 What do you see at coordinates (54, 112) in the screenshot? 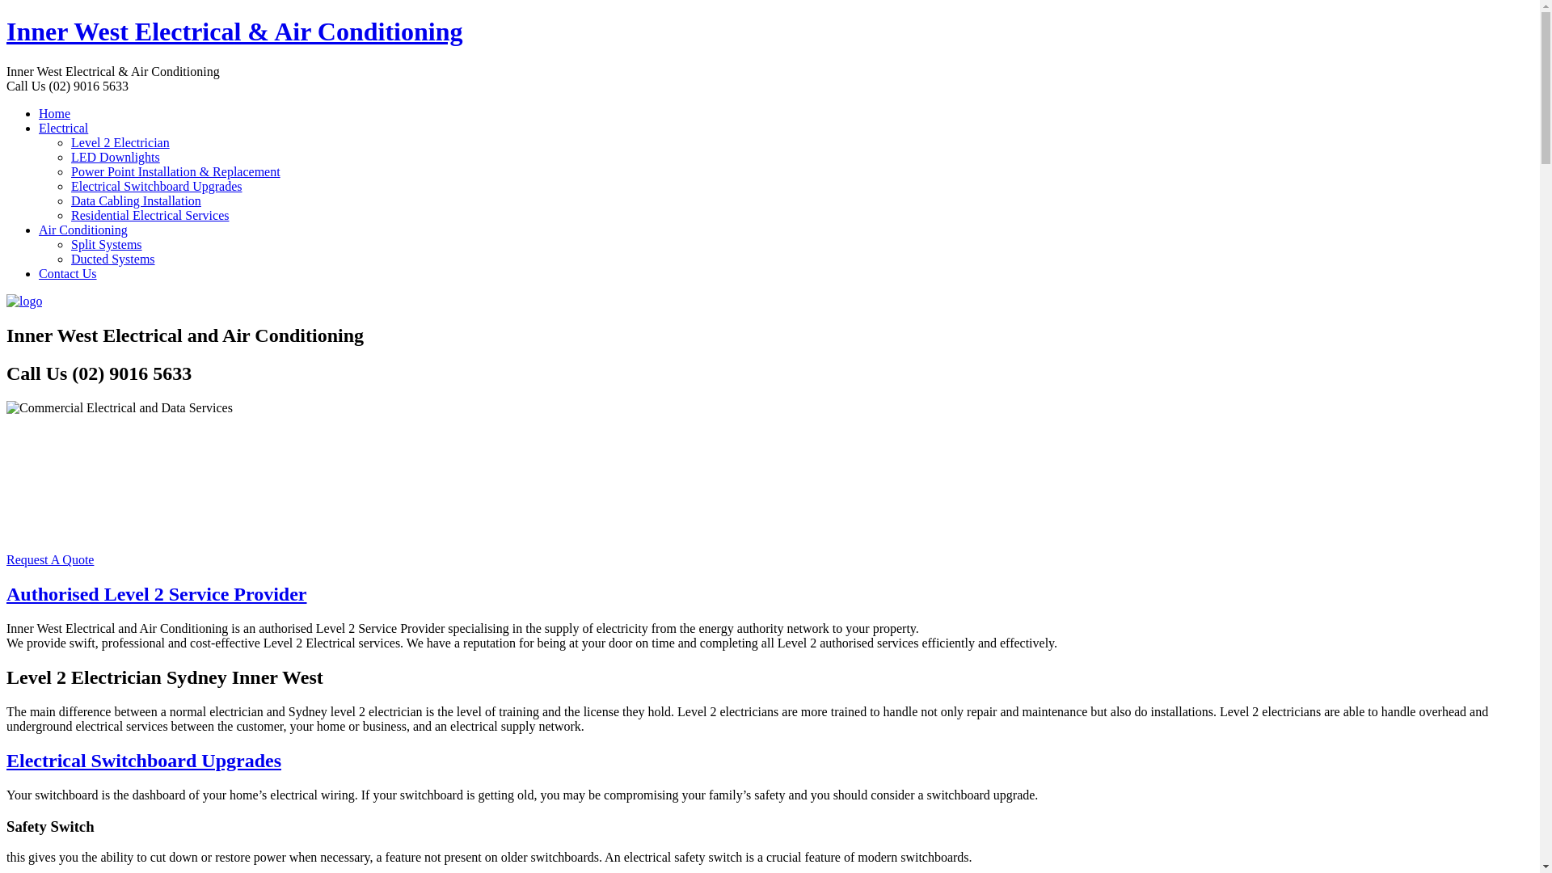
I see `'Home'` at bounding box center [54, 112].